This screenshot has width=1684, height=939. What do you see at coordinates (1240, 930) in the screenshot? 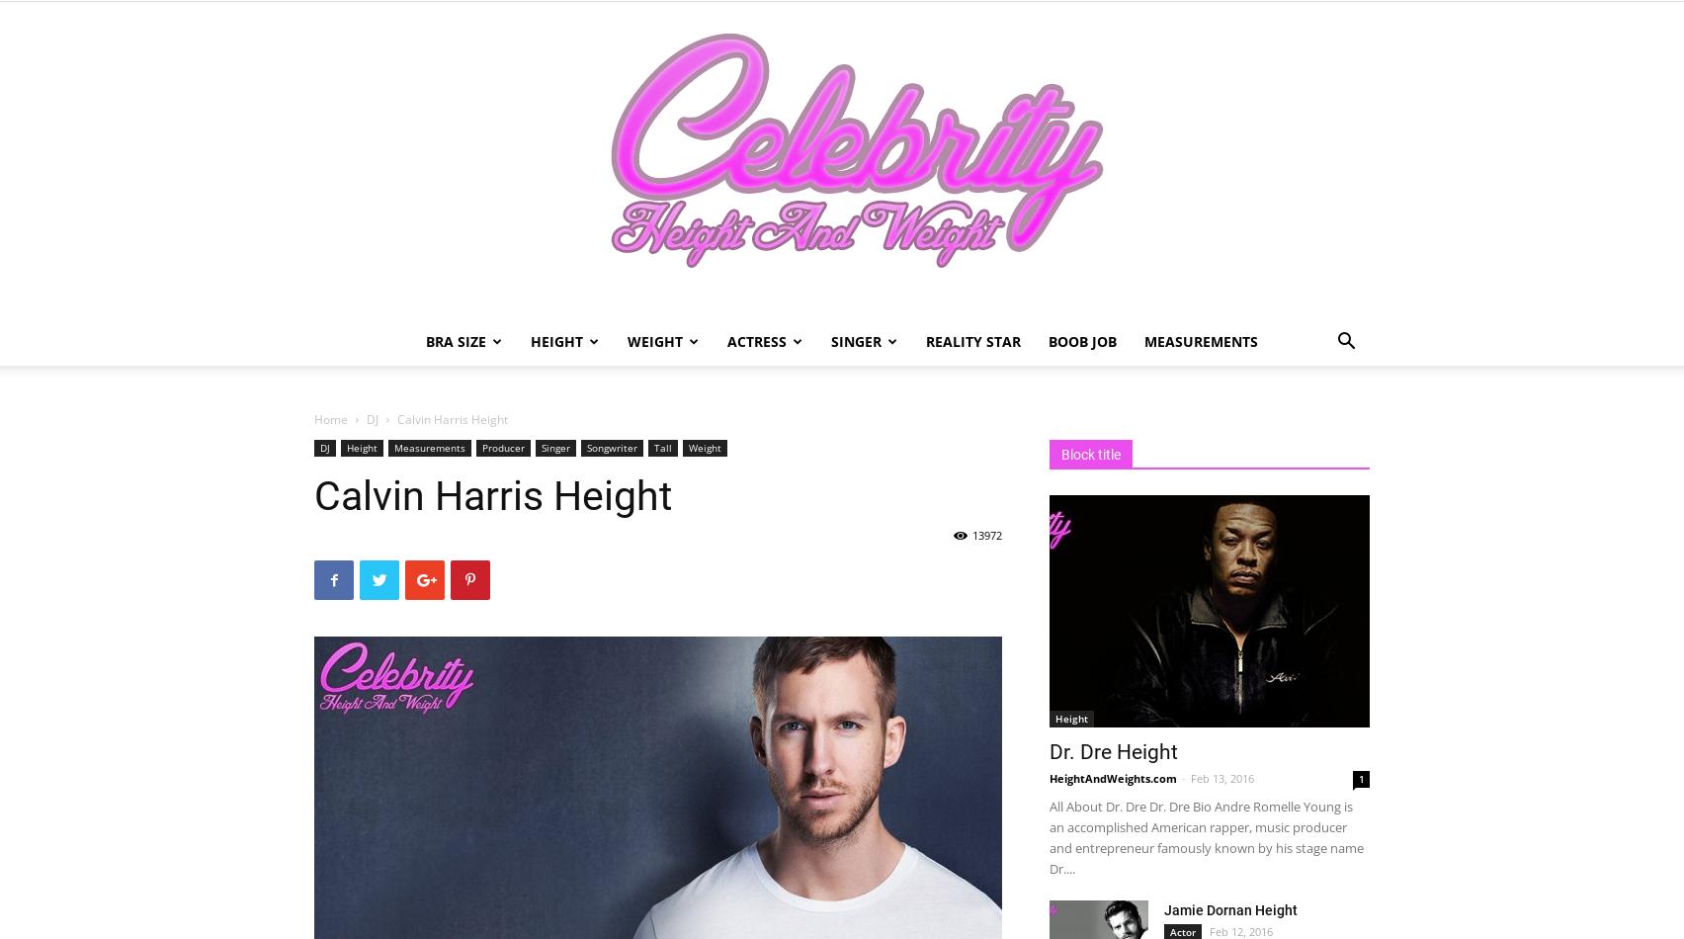
I see `'Feb 12, 2016'` at bounding box center [1240, 930].